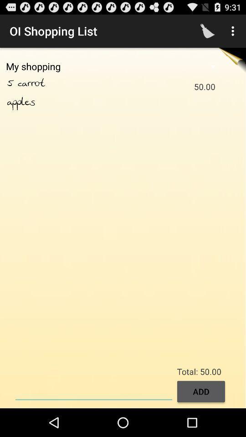 Image resolution: width=246 pixels, height=437 pixels. I want to click on icon below the my shopping app, so click(41, 83).